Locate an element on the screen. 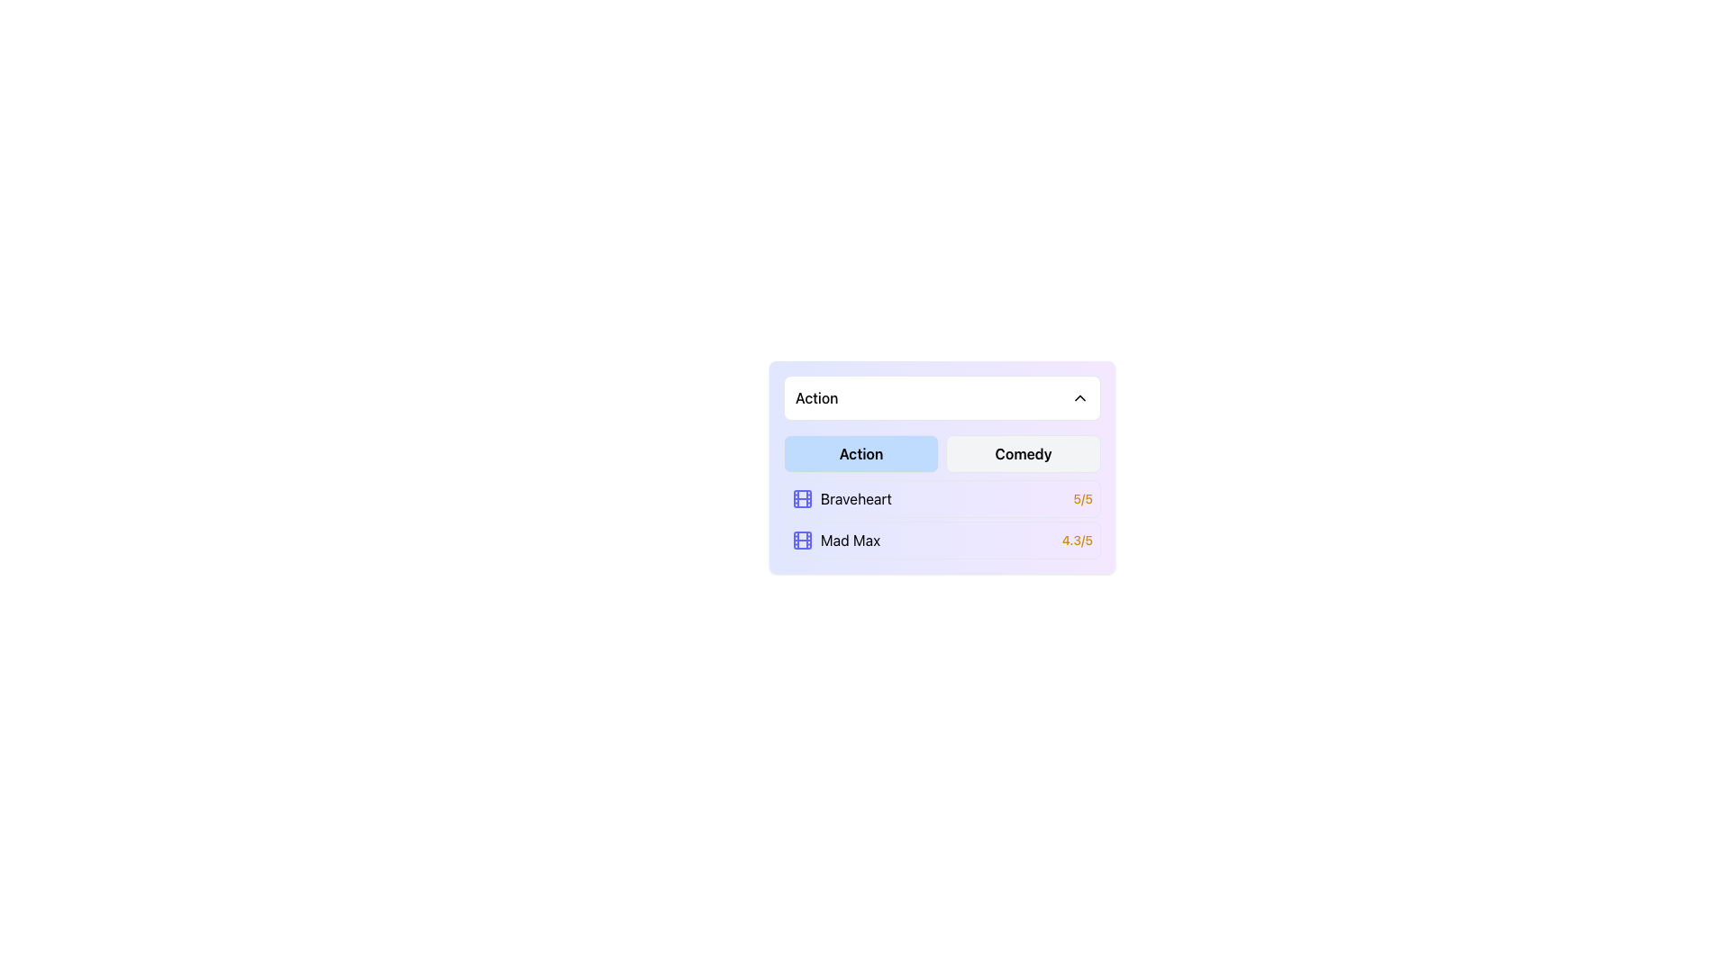  the movie title text label located in the second row of the movie selection list, which is positioned under the text 'Braveheart' is located at coordinates (850, 540).